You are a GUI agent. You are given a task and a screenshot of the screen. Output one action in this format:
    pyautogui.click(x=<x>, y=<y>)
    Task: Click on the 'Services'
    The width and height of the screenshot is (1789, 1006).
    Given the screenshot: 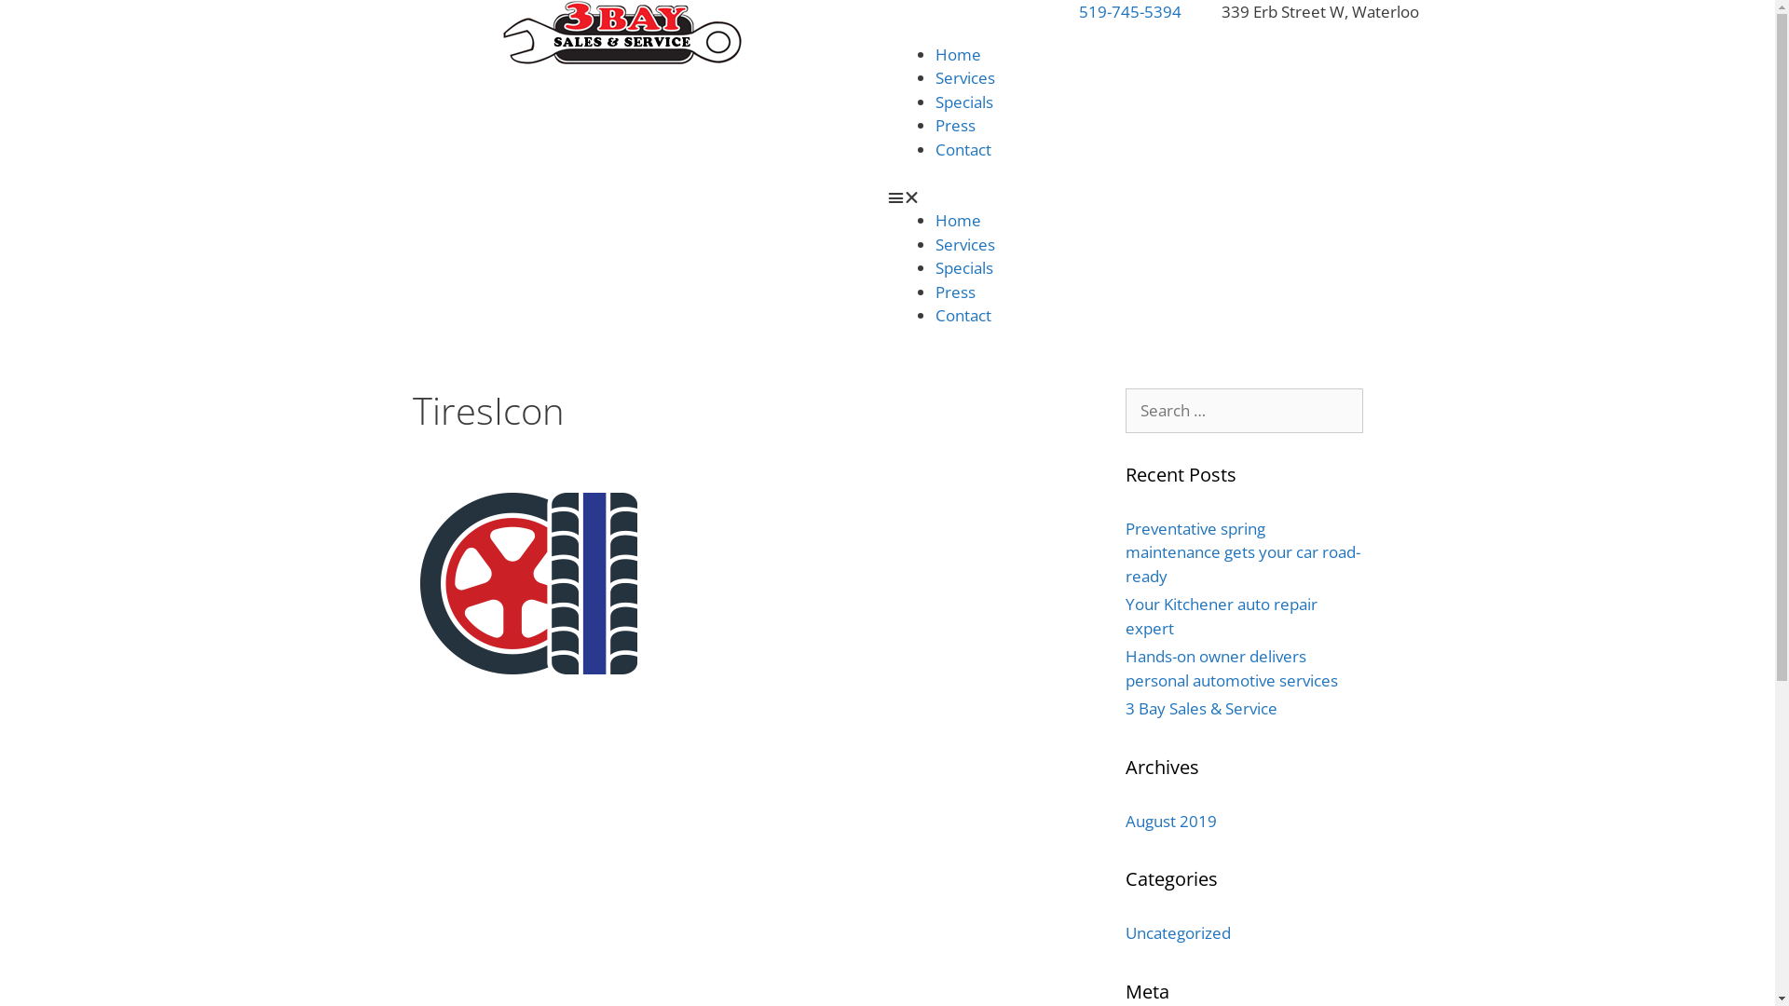 What is the action you would take?
    pyautogui.click(x=965, y=242)
    